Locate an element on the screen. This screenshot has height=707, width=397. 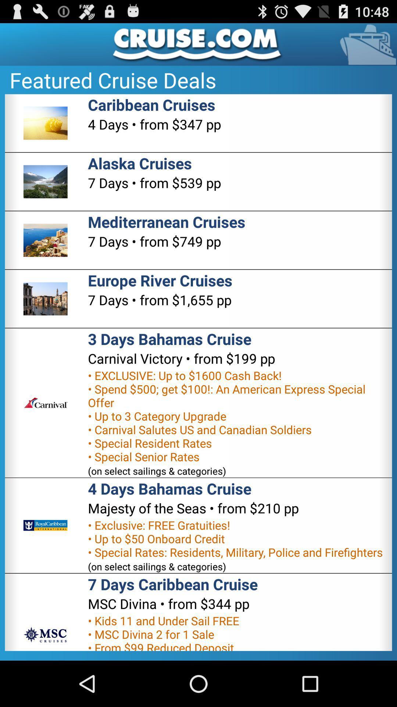
alaska cruises item is located at coordinates (140, 163).